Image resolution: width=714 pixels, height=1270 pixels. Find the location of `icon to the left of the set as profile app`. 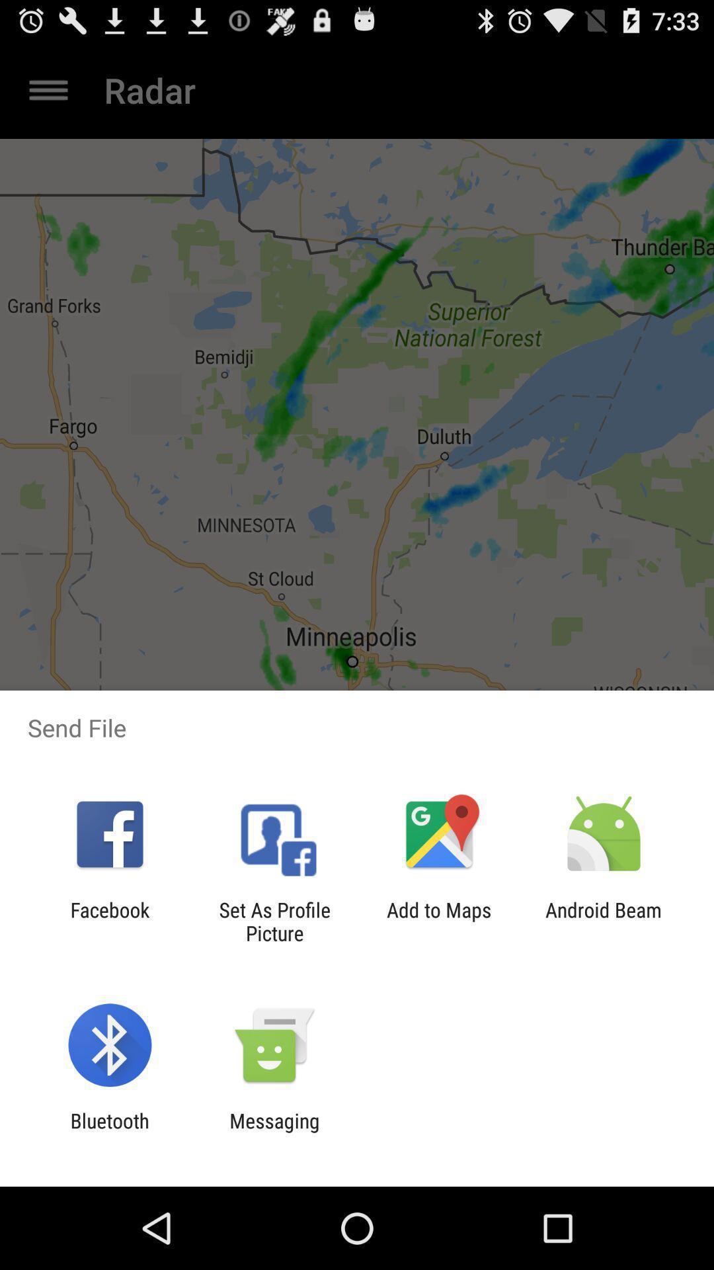

icon to the left of the set as profile app is located at coordinates (109, 921).